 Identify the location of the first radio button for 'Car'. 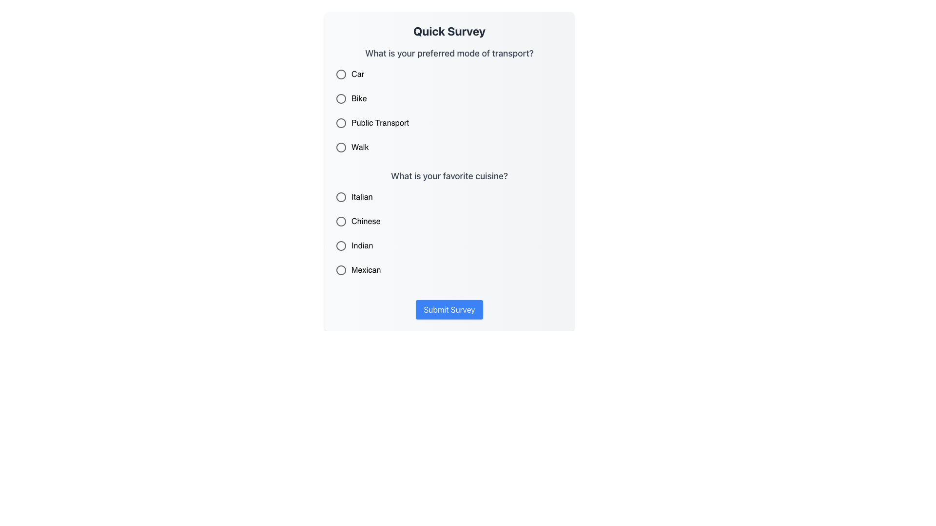
(341, 74).